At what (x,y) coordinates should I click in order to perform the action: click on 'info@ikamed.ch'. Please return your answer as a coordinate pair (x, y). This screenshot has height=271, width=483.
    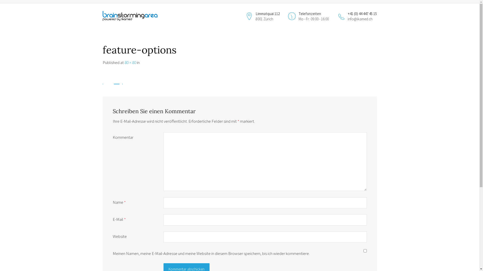
    Looking at the image, I should click on (360, 19).